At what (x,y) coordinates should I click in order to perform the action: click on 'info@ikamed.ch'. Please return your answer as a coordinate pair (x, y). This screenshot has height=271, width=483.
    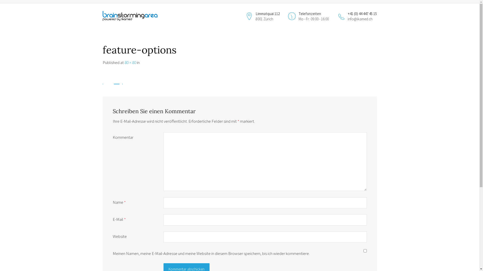
    Looking at the image, I should click on (360, 19).